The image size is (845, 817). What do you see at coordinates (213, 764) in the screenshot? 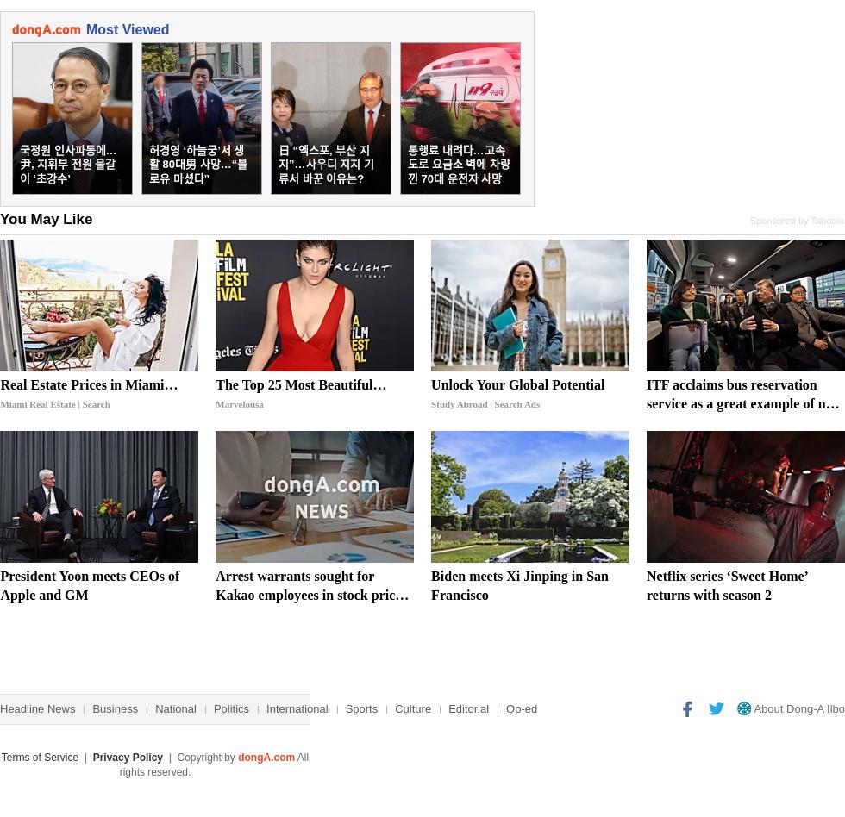
I see `'All rights reserved.'` at bounding box center [213, 764].